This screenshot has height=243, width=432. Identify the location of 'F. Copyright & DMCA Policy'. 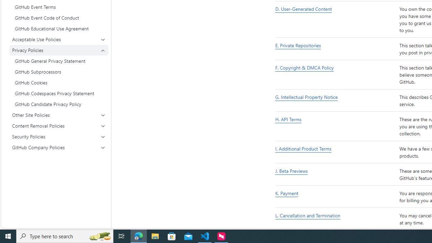
(336, 75).